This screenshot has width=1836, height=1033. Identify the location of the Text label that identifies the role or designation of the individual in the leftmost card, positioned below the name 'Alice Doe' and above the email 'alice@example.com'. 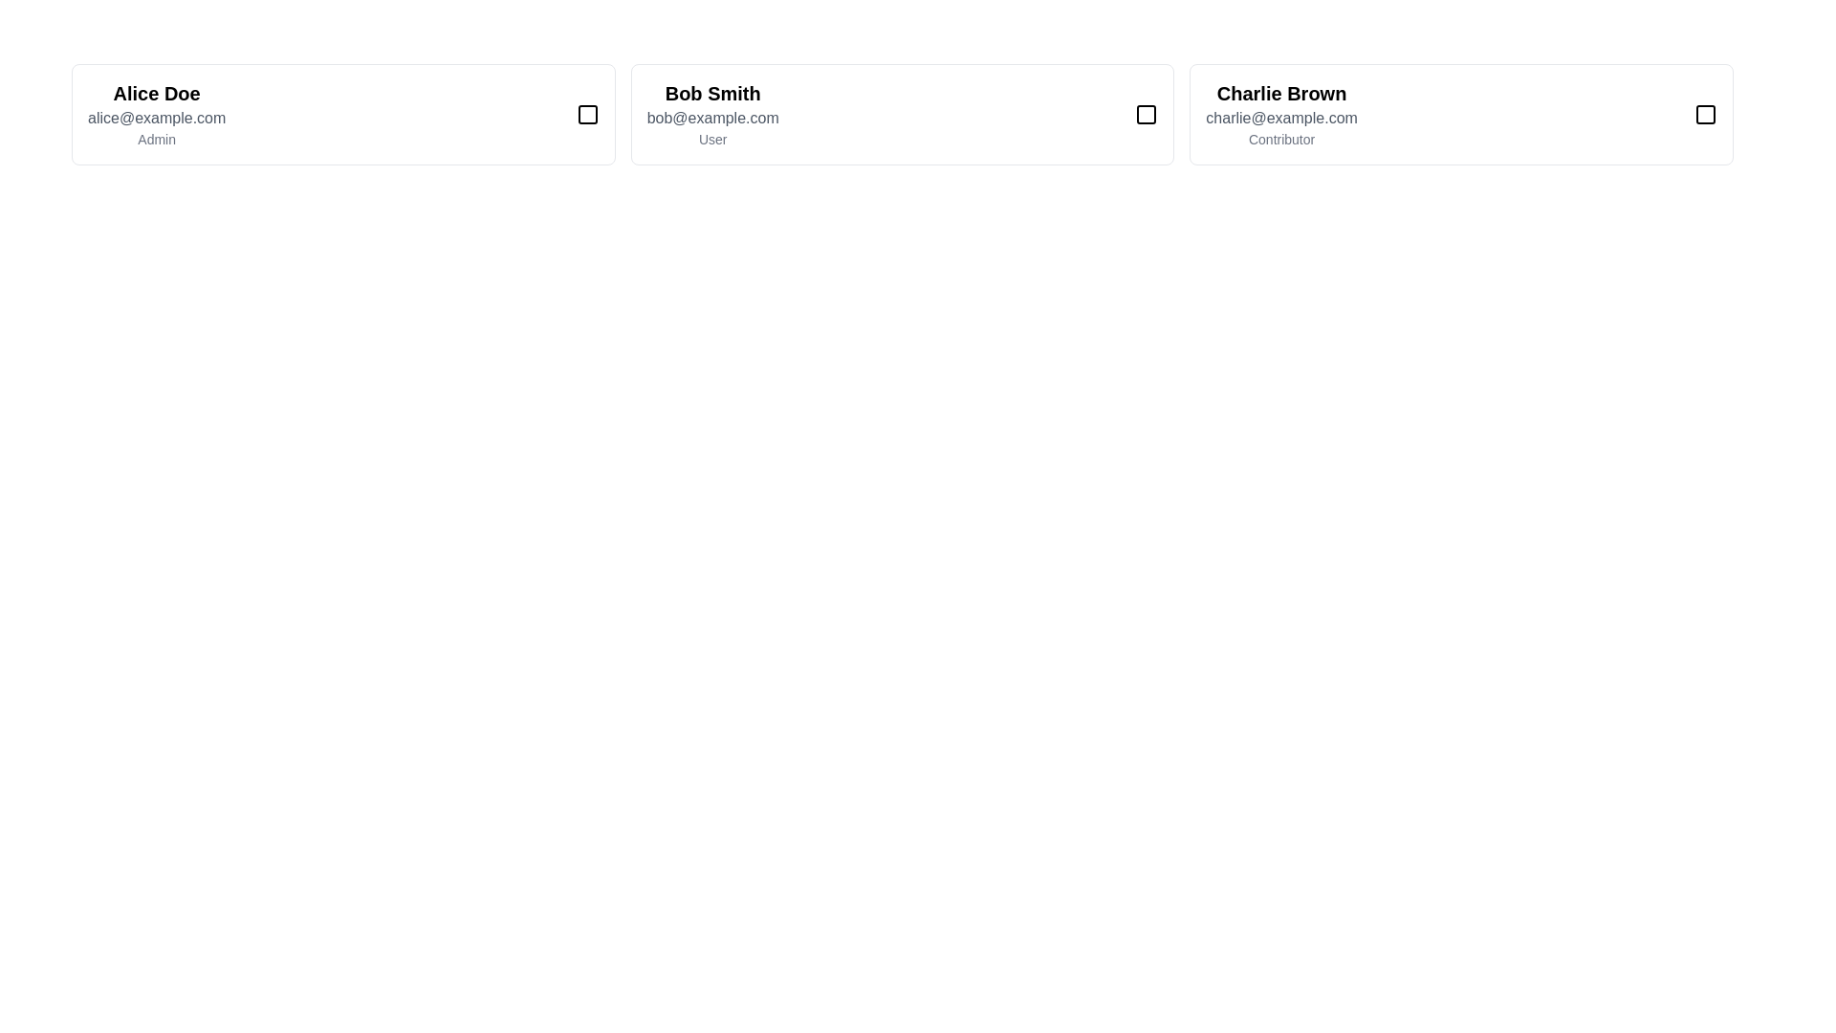
(157, 139).